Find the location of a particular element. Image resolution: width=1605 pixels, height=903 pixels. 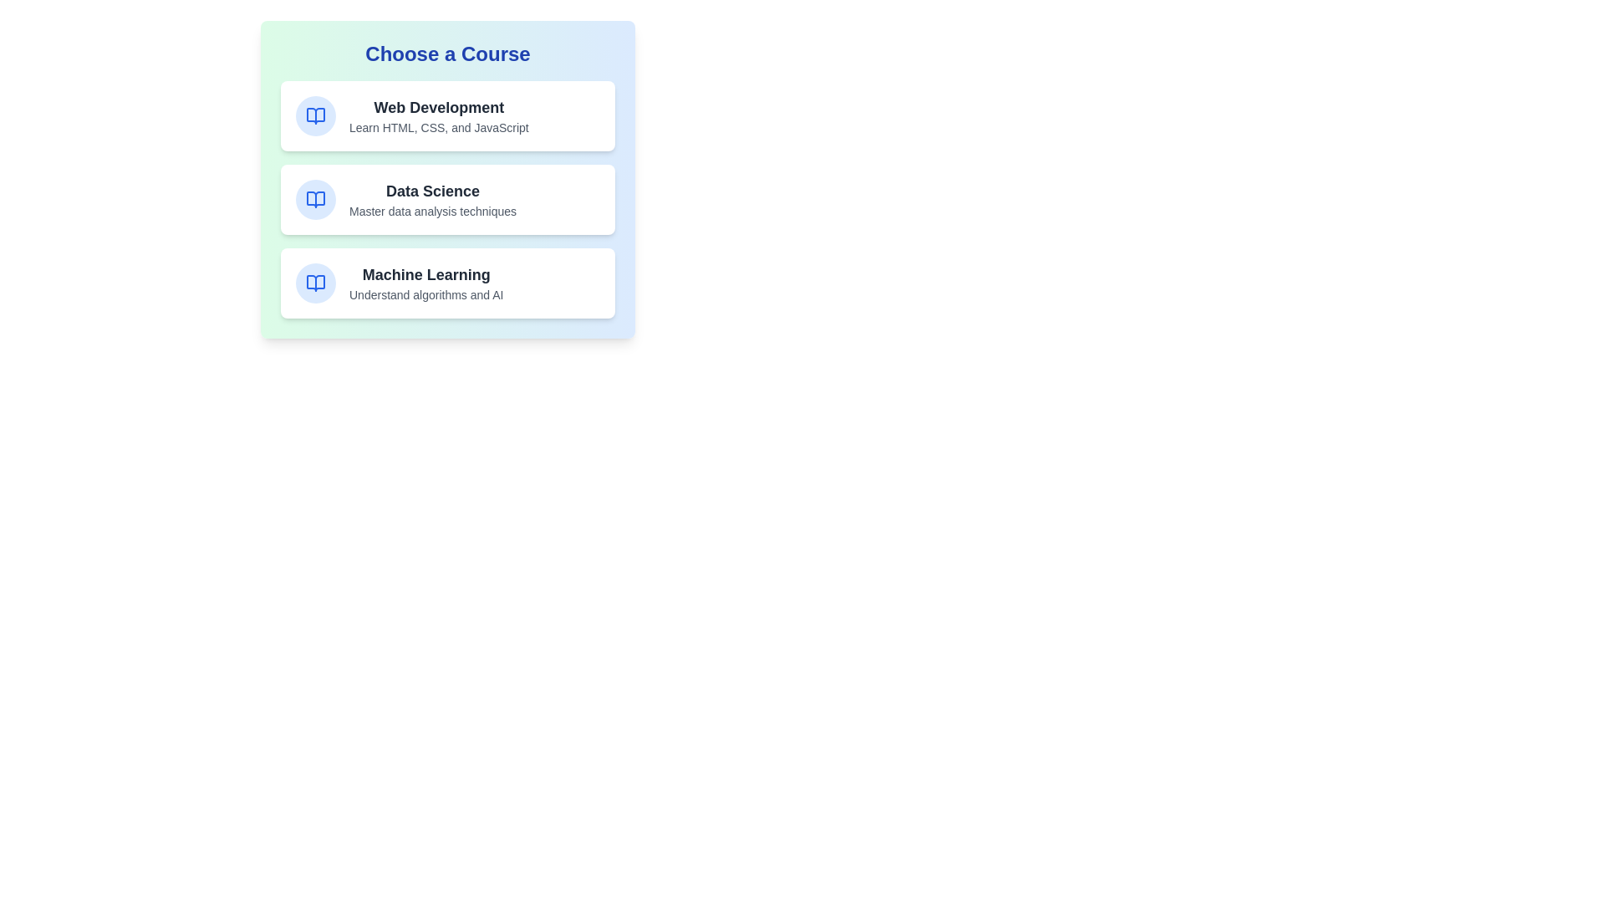

the text content element that provides information about the course titled 'Machine Learning' and its description, 'Understand algorithms and AI', located in the third card of the 'Choose a Course' section is located at coordinates (426, 283).